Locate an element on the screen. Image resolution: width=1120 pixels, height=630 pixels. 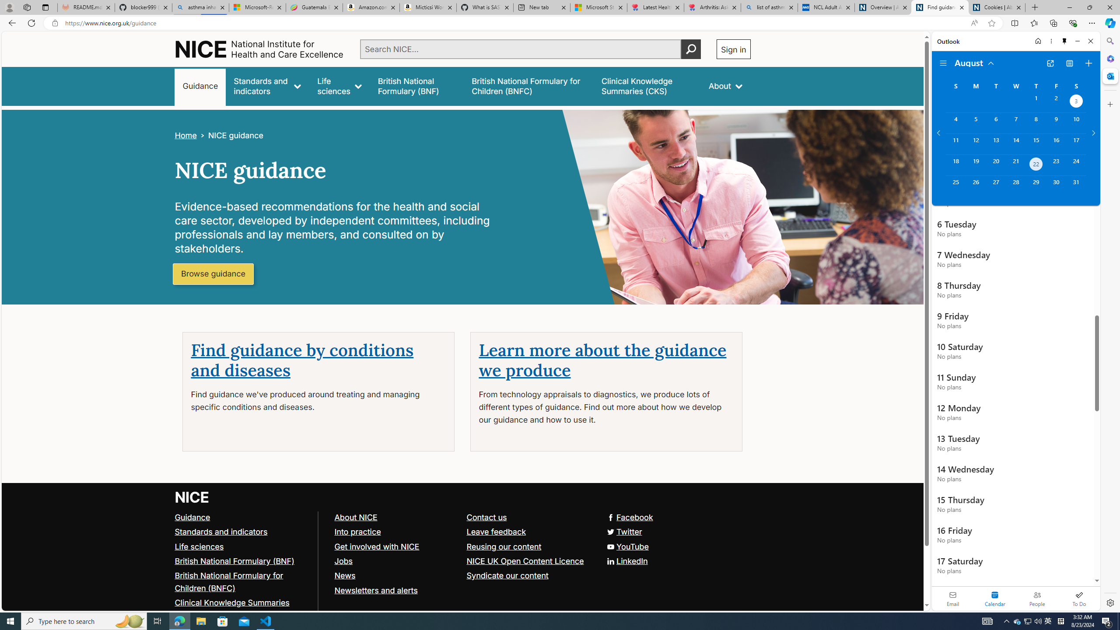
'asthma inhaler - Search' is located at coordinates (200, 7).